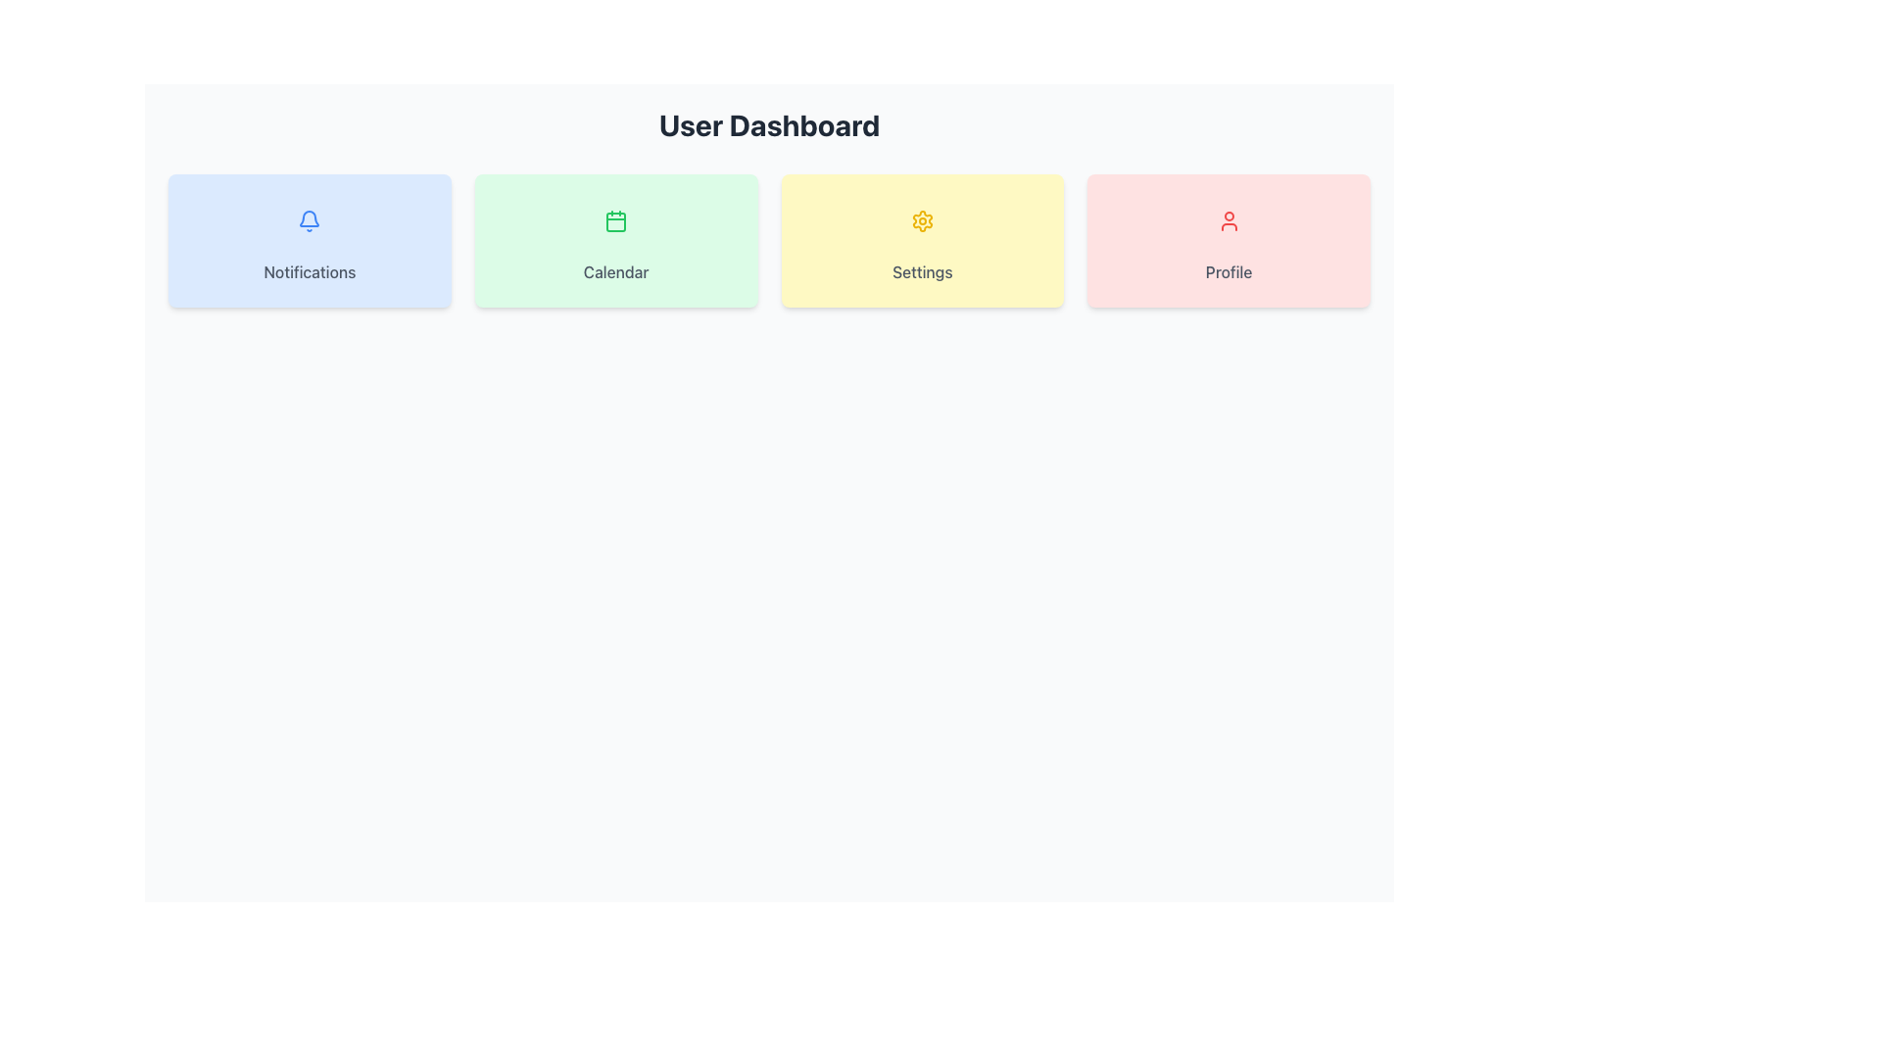 The width and height of the screenshot is (1881, 1058). What do you see at coordinates (921, 240) in the screenshot?
I see `the 'Settings' button in the dashboard` at bounding box center [921, 240].